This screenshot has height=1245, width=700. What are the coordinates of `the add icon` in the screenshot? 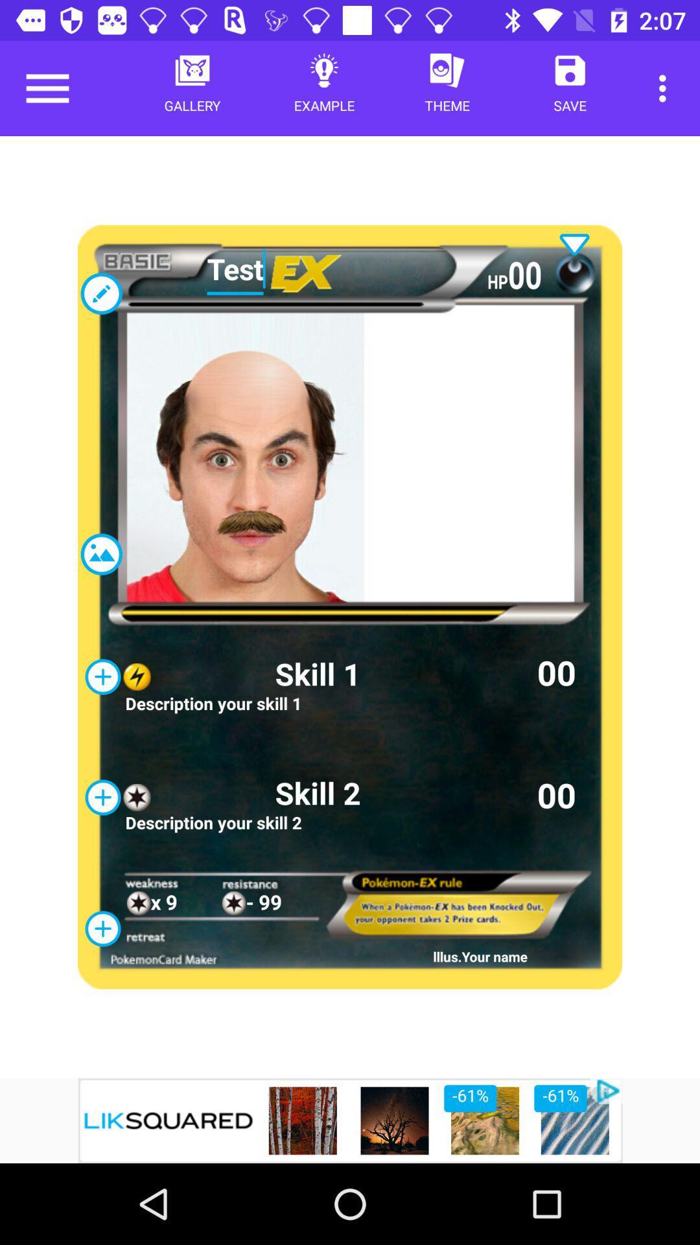 It's located at (102, 796).